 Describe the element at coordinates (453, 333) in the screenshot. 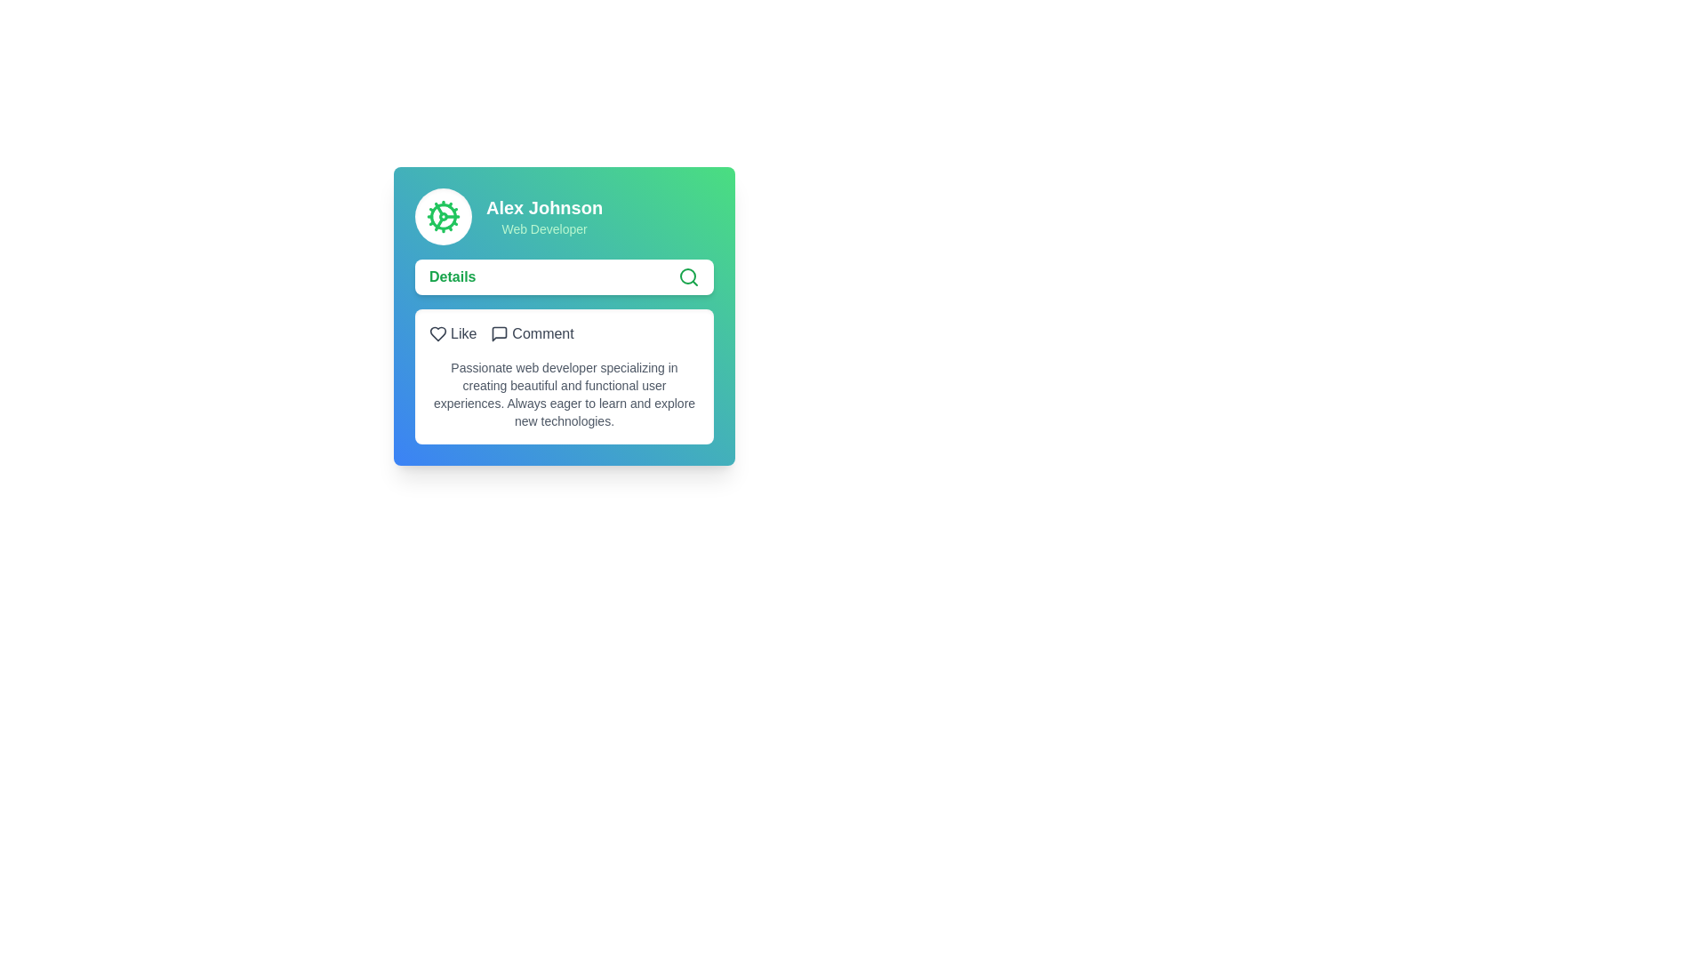

I see `the interactive 'like' button located in the top-left of a two-item horizontal group within a card to indicate appreciation or interest in the associated content` at that location.